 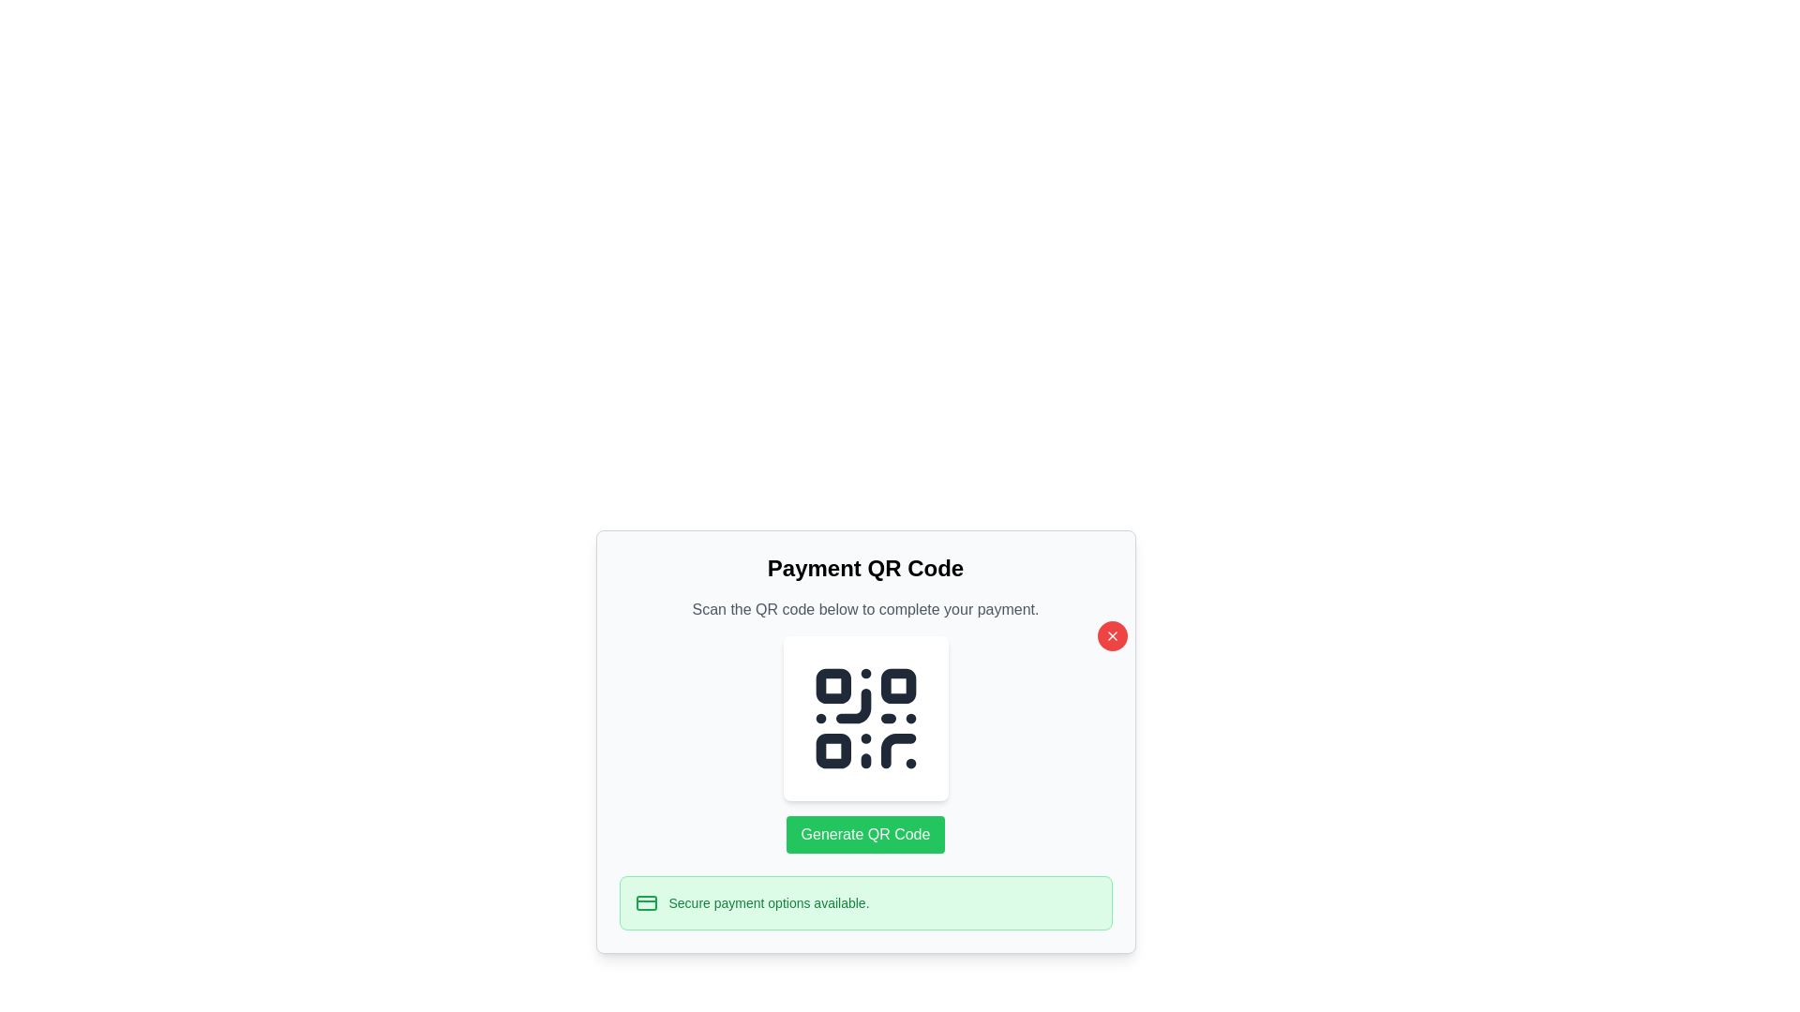 What do you see at coordinates (832, 750) in the screenshot?
I see `the third square in the QR code icon, located at the bottom-left corner of the group of squares within the modal titled 'Payment QR Code'` at bounding box center [832, 750].